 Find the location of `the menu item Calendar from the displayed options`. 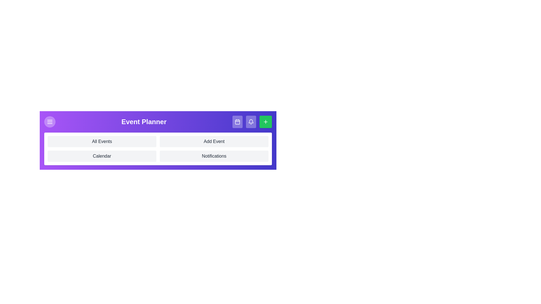

the menu item Calendar from the displayed options is located at coordinates (102, 156).